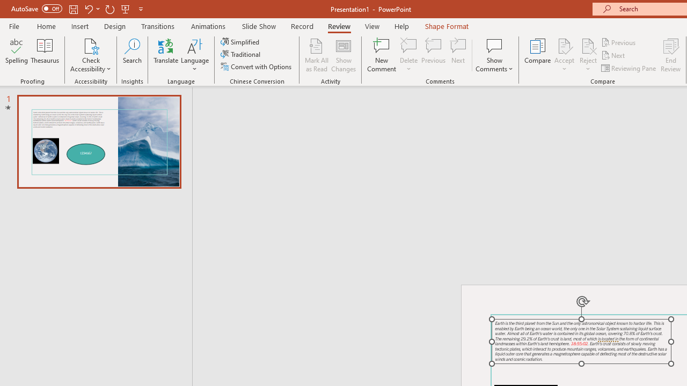 The width and height of the screenshot is (687, 386). What do you see at coordinates (614, 55) in the screenshot?
I see `'Next'` at bounding box center [614, 55].